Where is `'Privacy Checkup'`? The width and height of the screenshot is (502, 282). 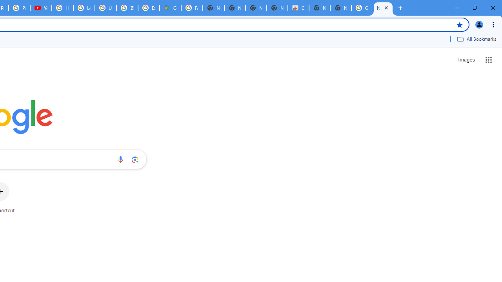 'Privacy Checkup' is located at coordinates (19, 8).